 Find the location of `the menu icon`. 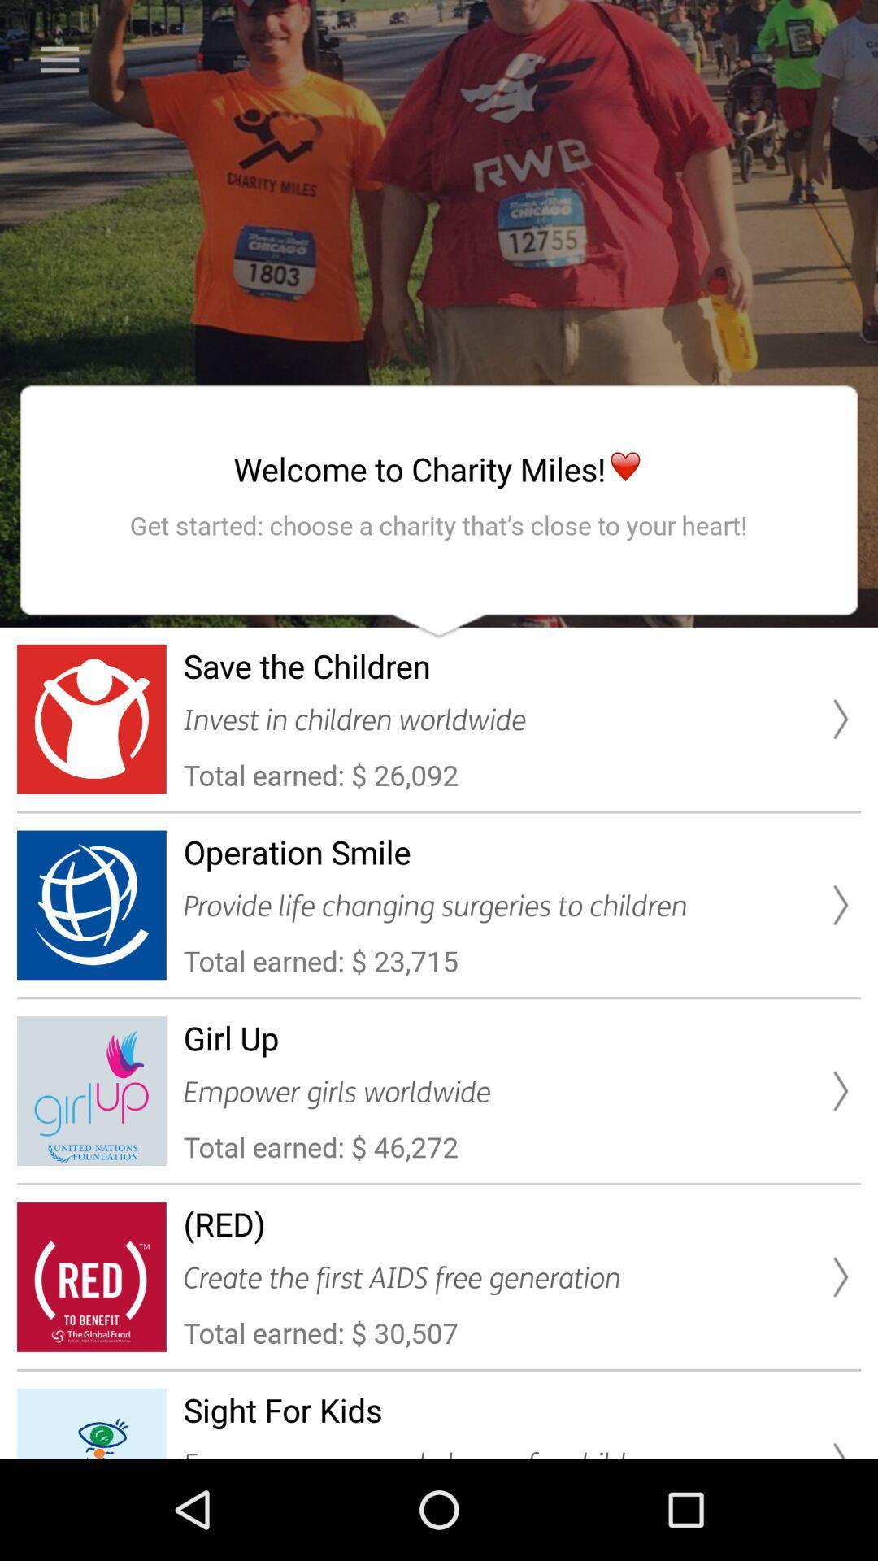

the menu icon is located at coordinates (59, 59).